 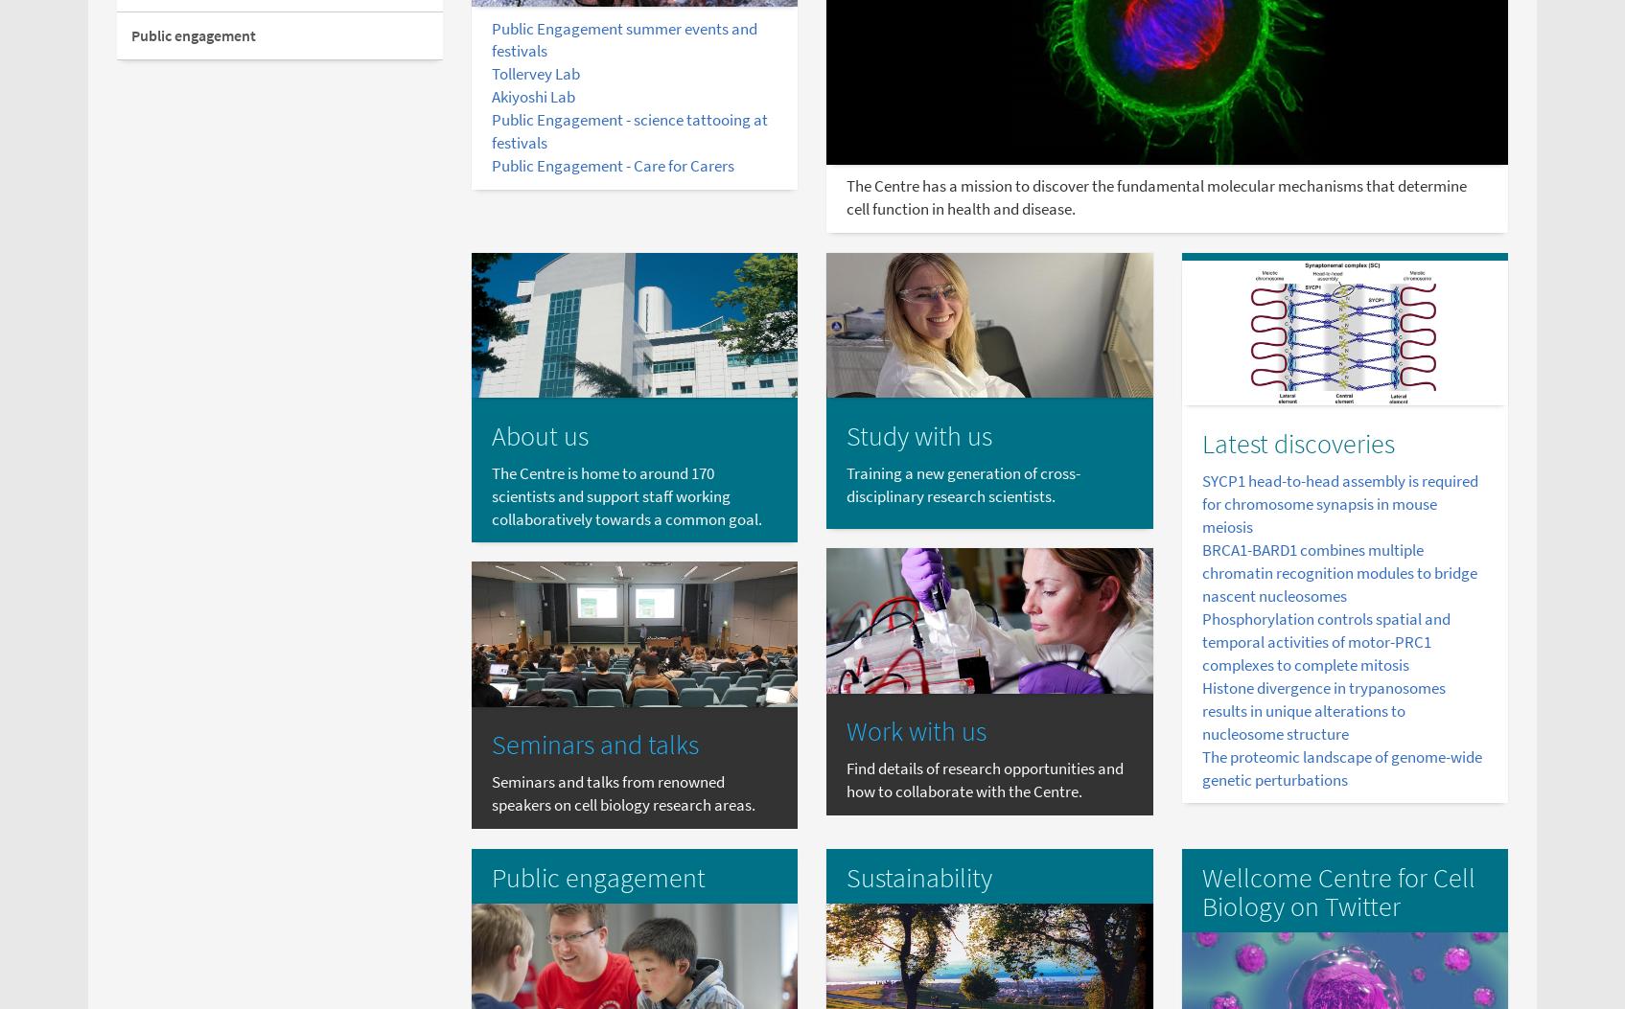 I want to click on 'Tollervey Lab', so click(x=534, y=72).